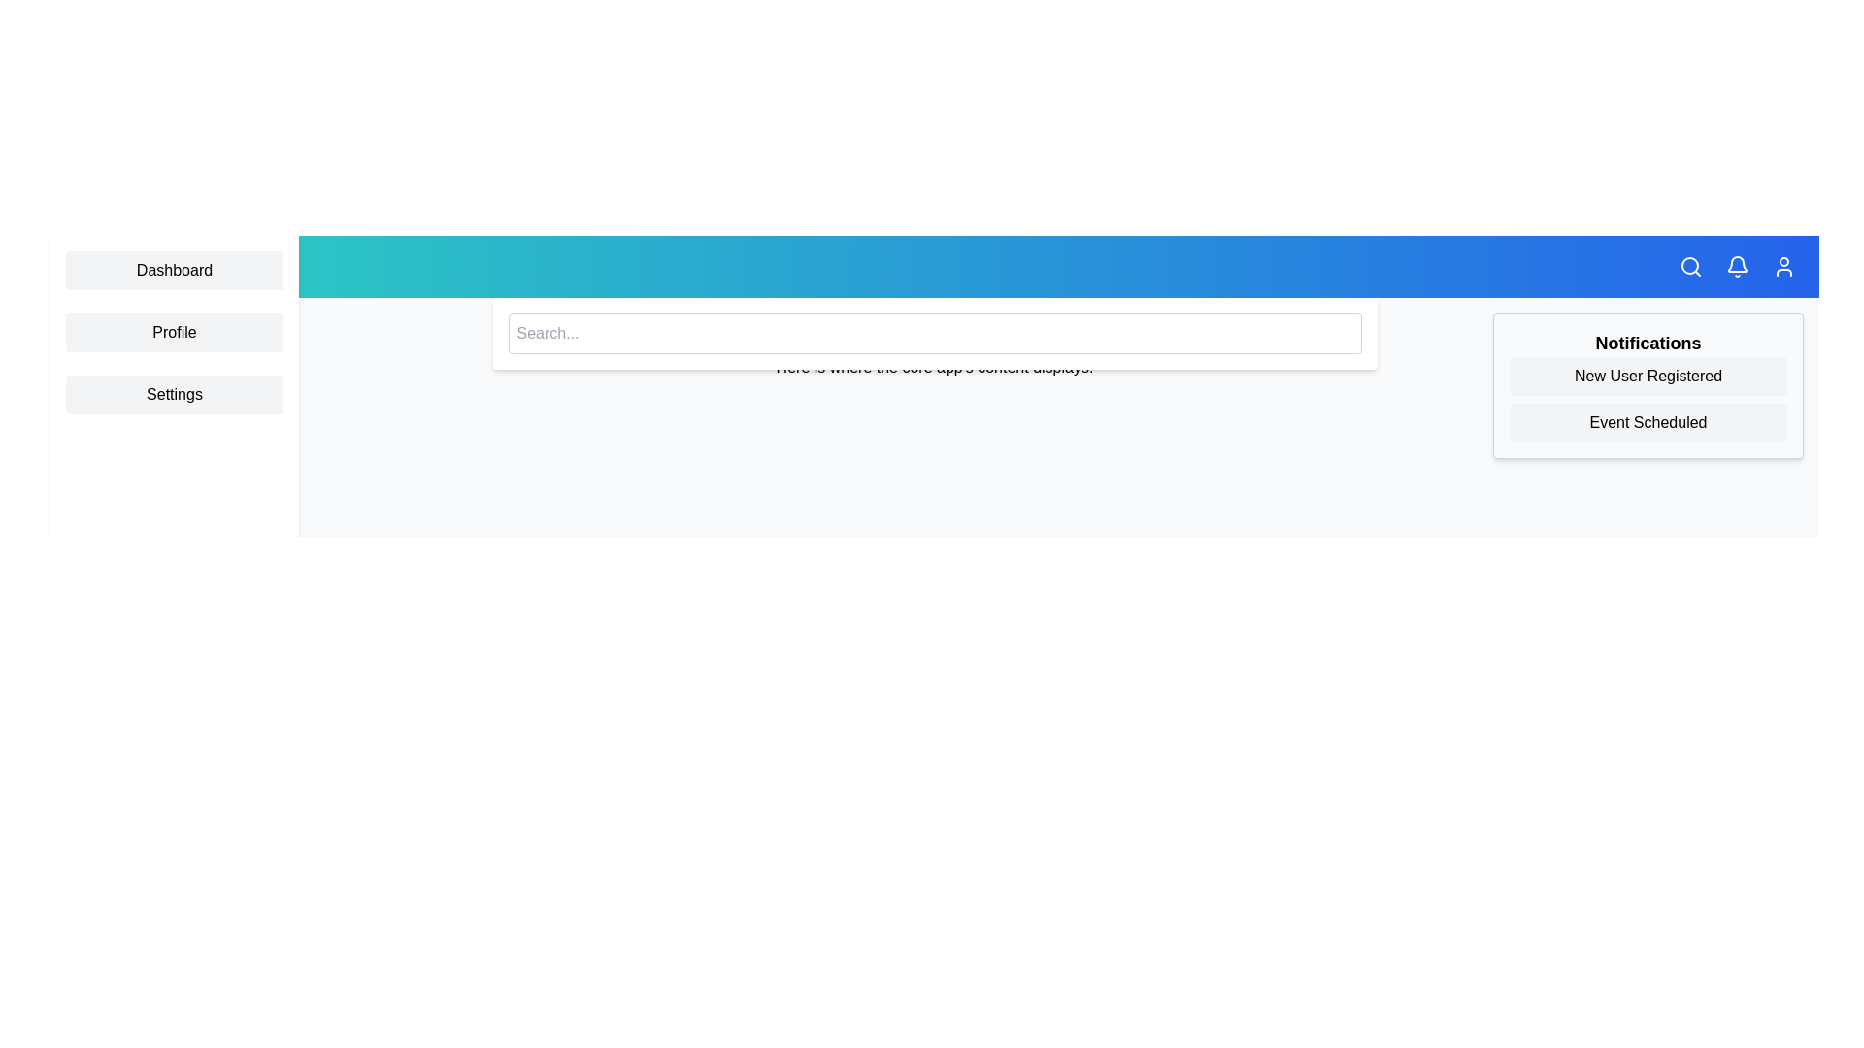 The height and width of the screenshot is (1048, 1864). I want to click on the navigation button located in the left vertical menu panel, which is the third button beneath the 'Profile' button, to change its background color, so click(175, 394).